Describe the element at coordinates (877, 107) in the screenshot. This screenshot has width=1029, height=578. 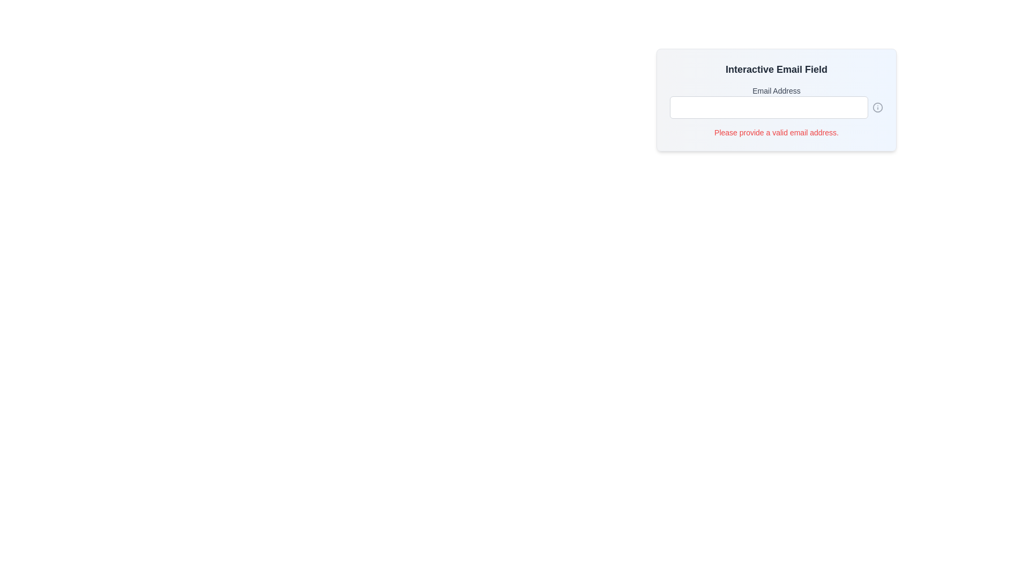
I see `the hollow circular SVG element that represents an iconographic marker, located to the right of the 'Email Address' input box` at that location.